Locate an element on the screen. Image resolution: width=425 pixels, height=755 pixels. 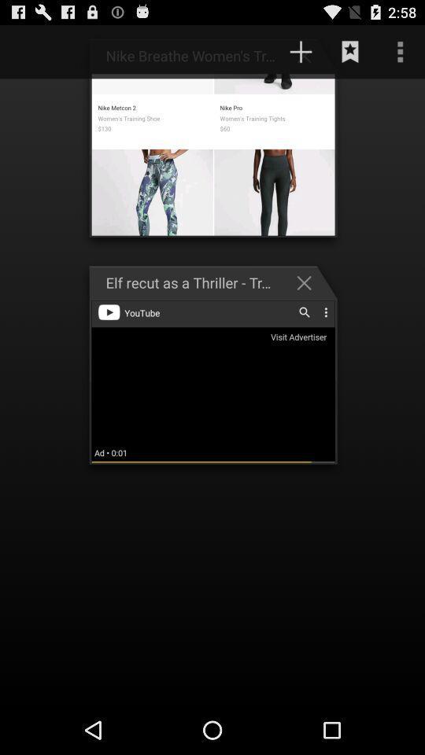
the more icon is located at coordinates (400, 55).